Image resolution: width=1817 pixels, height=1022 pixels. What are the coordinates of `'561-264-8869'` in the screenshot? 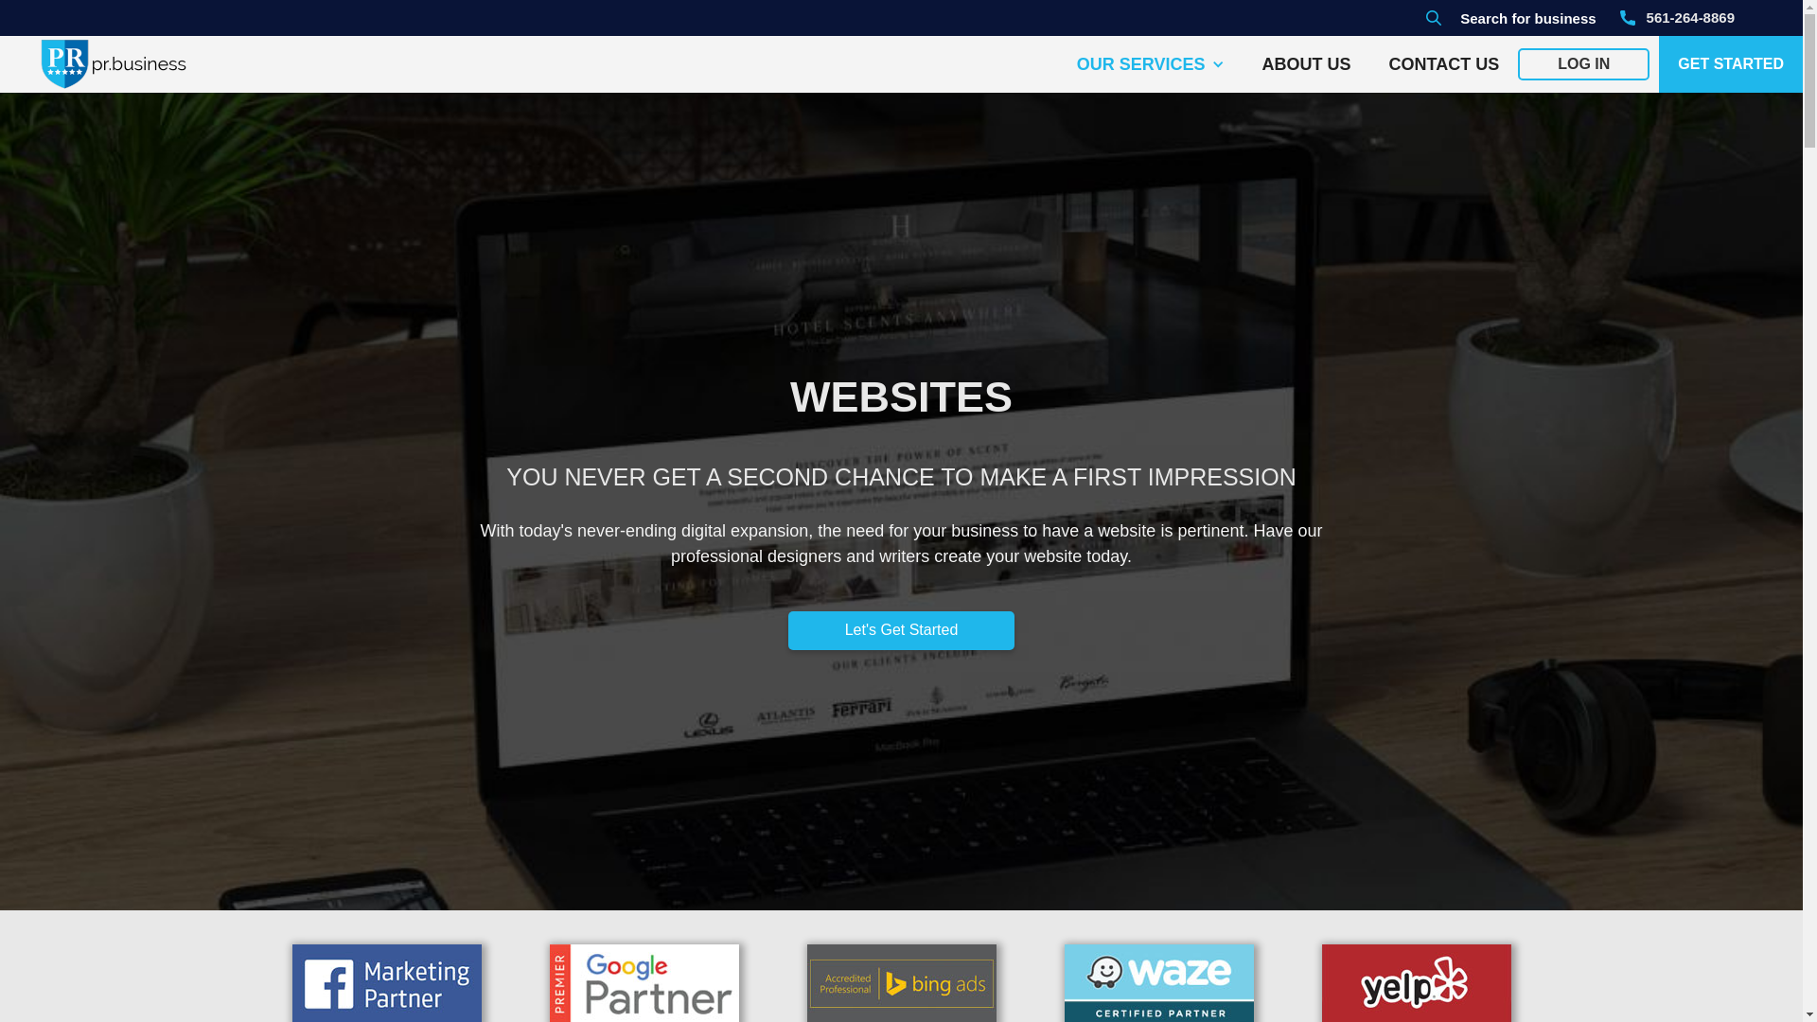 It's located at (1677, 18).